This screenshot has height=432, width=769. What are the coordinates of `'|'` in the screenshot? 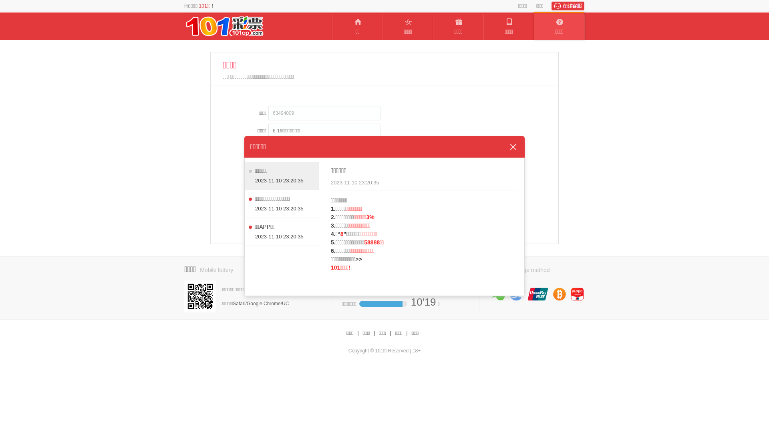 It's located at (357, 333).